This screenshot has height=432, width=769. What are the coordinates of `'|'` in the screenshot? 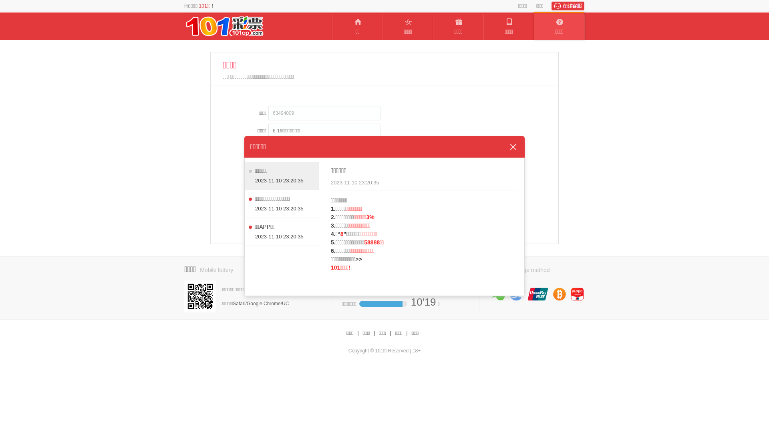 It's located at (357, 333).